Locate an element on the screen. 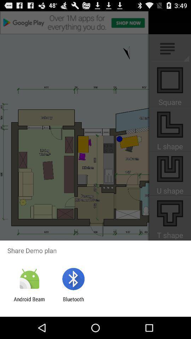  app next to bluetooth icon is located at coordinates (29, 302).